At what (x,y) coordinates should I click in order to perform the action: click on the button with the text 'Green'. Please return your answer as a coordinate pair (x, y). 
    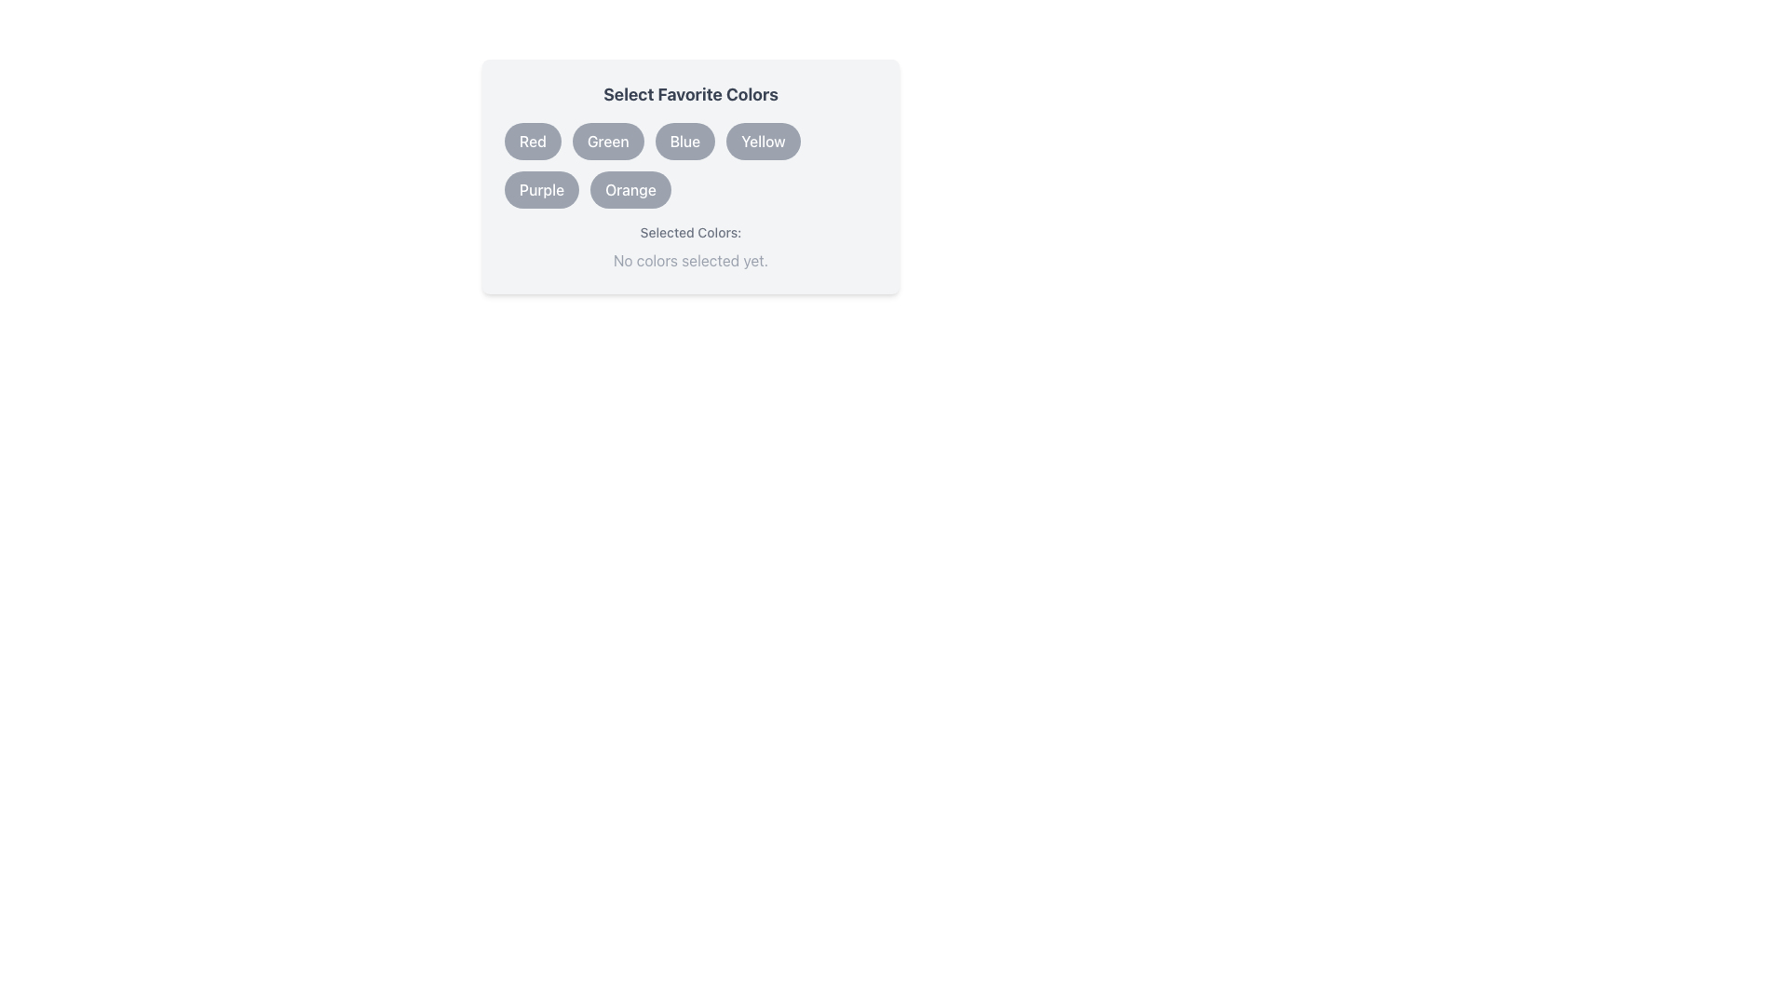
    Looking at the image, I should click on (608, 140).